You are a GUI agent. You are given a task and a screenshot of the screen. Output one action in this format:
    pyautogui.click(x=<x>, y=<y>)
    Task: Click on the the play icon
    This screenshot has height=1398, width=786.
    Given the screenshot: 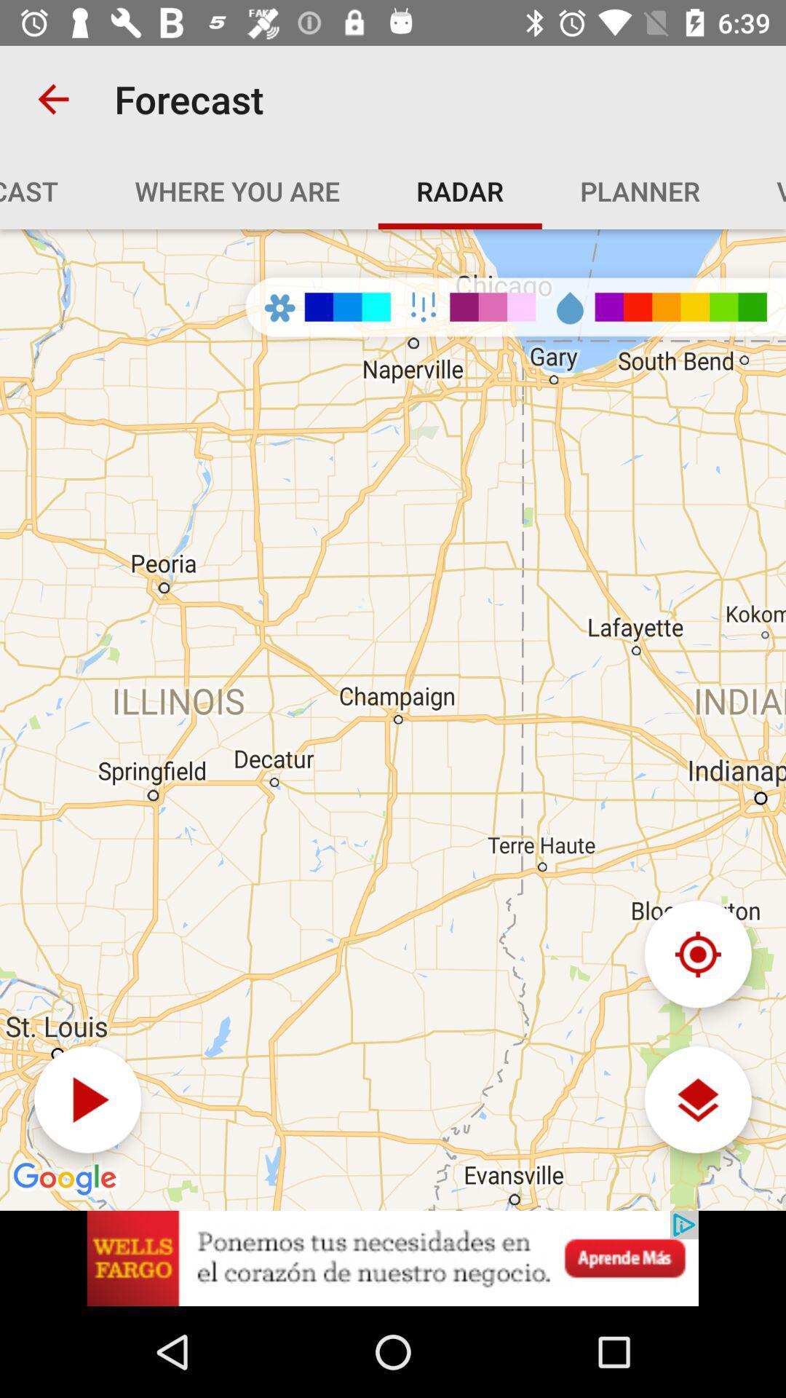 What is the action you would take?
    pyautogui.click(x=87, y=1099)
    